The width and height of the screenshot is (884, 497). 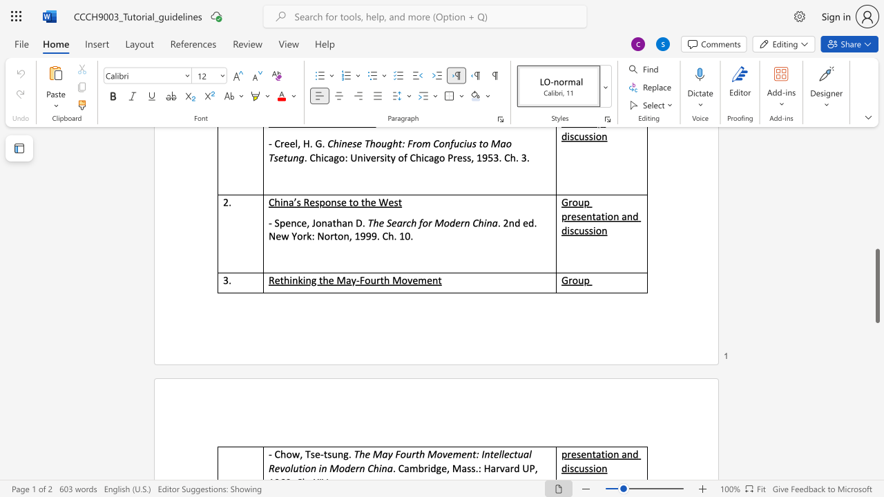 I want to click on the scrollbar to move the page up, so click(x=876, y=207).